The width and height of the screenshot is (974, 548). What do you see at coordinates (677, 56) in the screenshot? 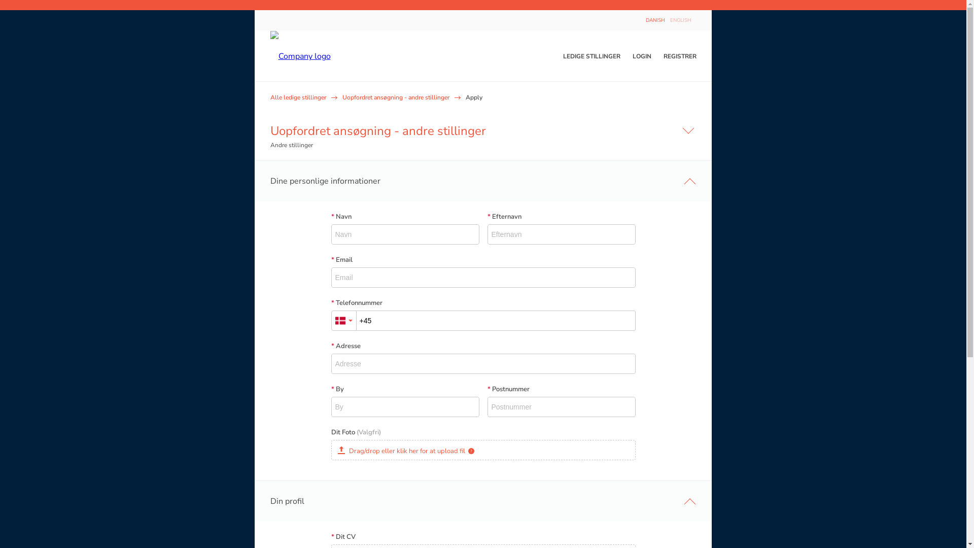
I see `'REGISTRER'` at bounding box center [677, 56].